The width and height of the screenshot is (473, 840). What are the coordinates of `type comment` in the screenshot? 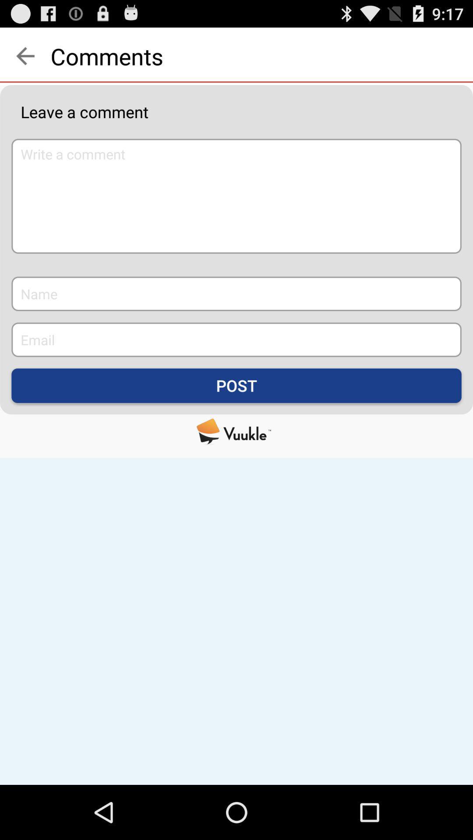 It's located at (236, 196).